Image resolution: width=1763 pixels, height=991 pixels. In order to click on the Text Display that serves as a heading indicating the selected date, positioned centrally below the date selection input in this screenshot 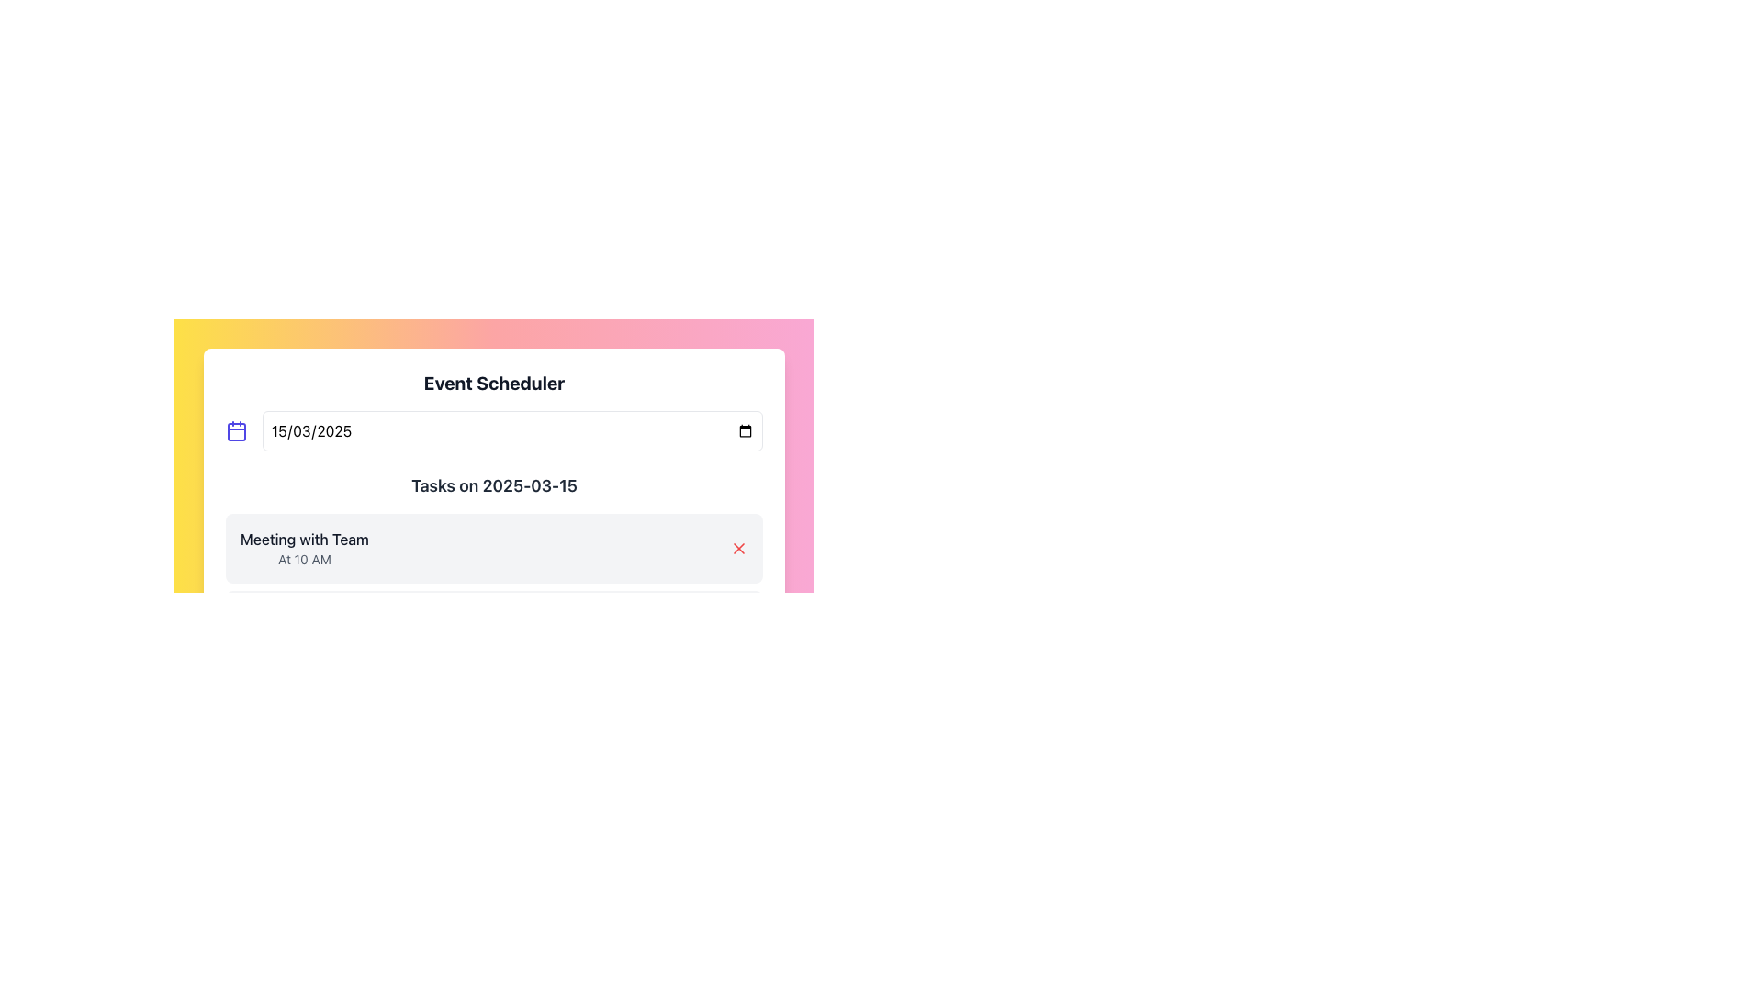, I will do `click(494, 484)`.